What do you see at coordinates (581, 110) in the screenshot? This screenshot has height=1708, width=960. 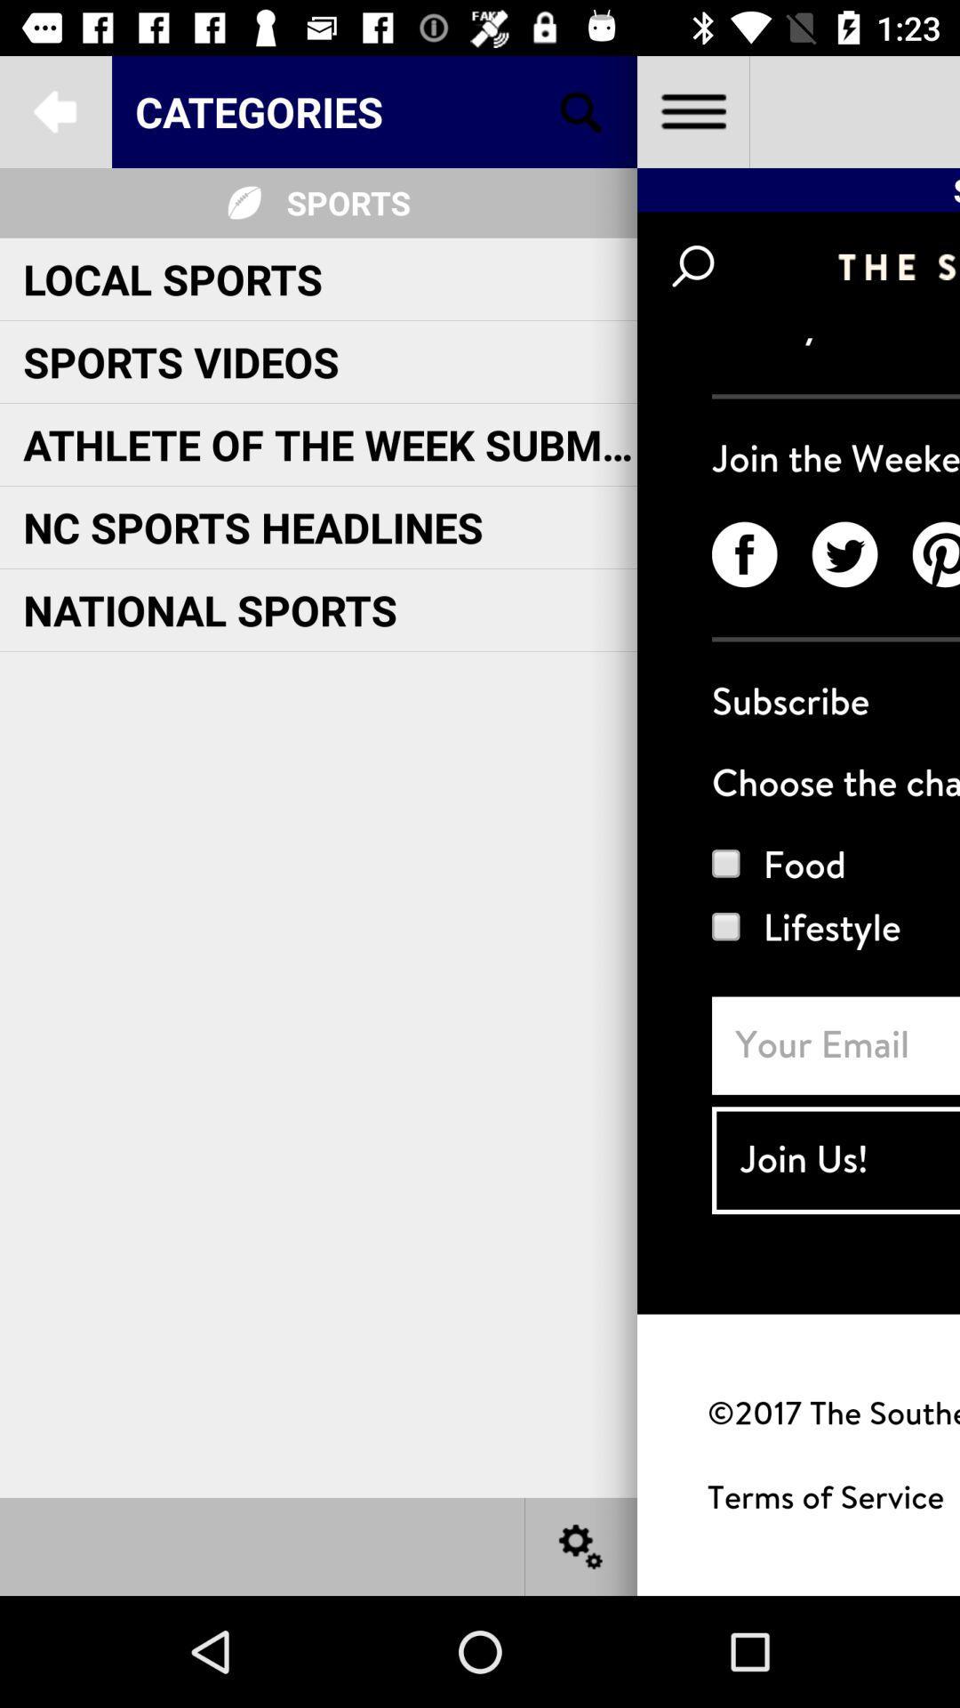 I see `the search icon` at bounding box center [581, 110].